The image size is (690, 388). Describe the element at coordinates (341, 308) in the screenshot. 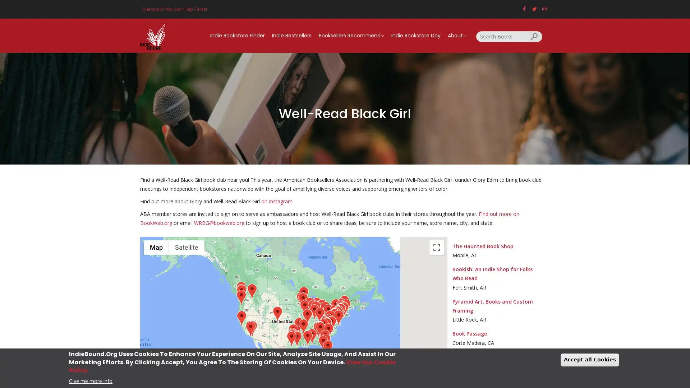

I see `Merritt Bookstore` at that location.